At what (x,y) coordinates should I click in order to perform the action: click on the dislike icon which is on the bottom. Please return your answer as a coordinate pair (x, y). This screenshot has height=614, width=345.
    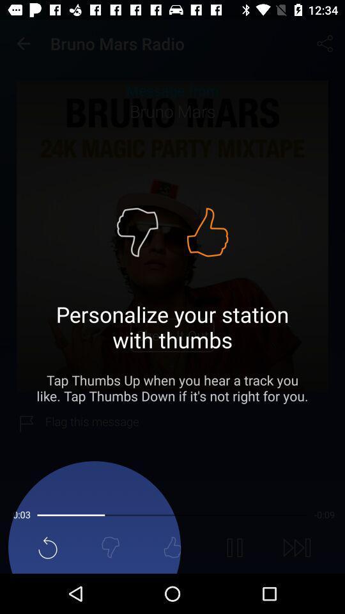
    Looking at the image, I should click on (110, 547).